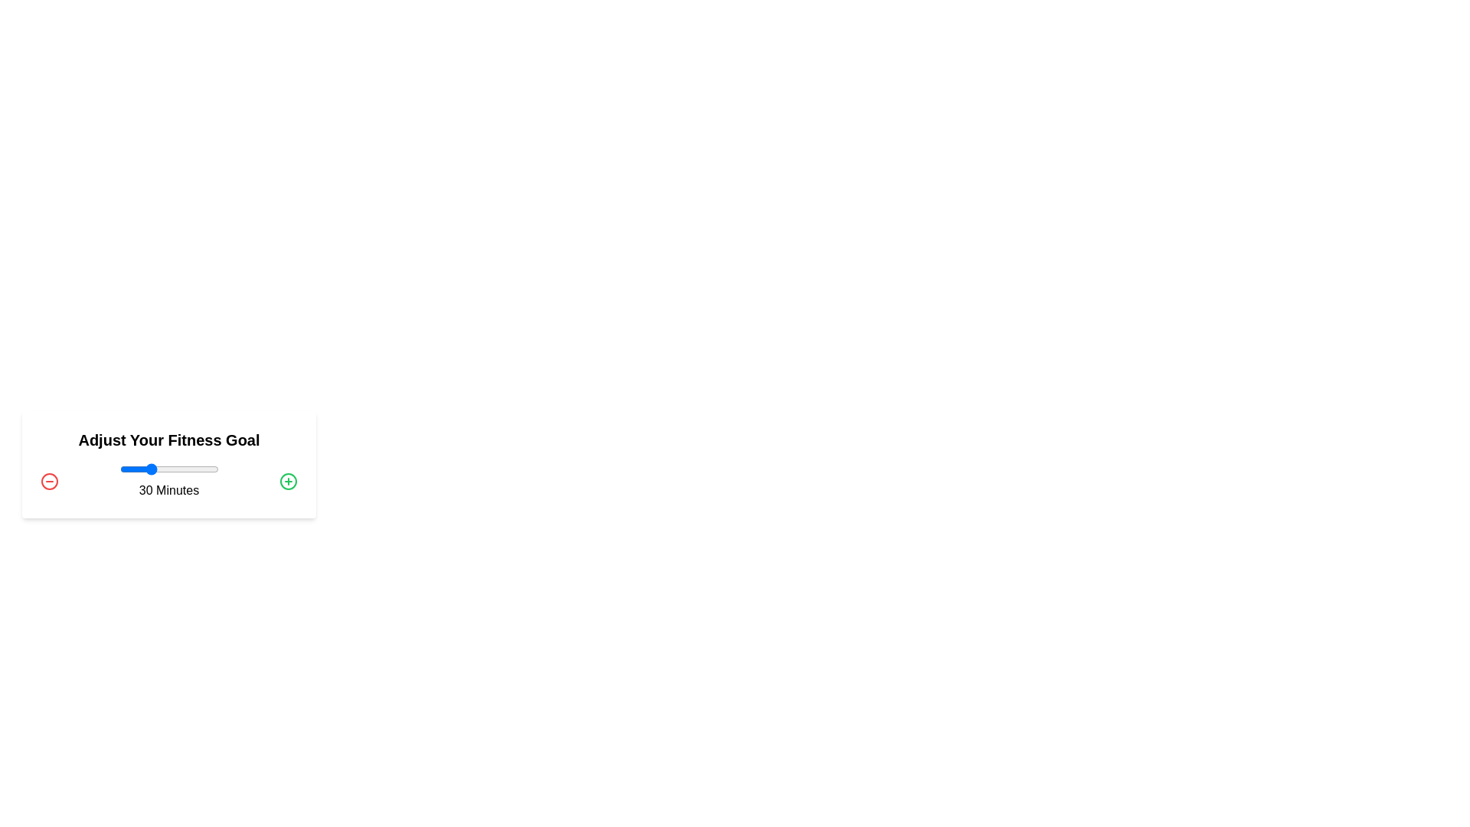 The image size is (1470, 827). What do you see at coordinates (149, 469) in the screenshot?
I see `fitness goal` at bounding box center [149, 469].